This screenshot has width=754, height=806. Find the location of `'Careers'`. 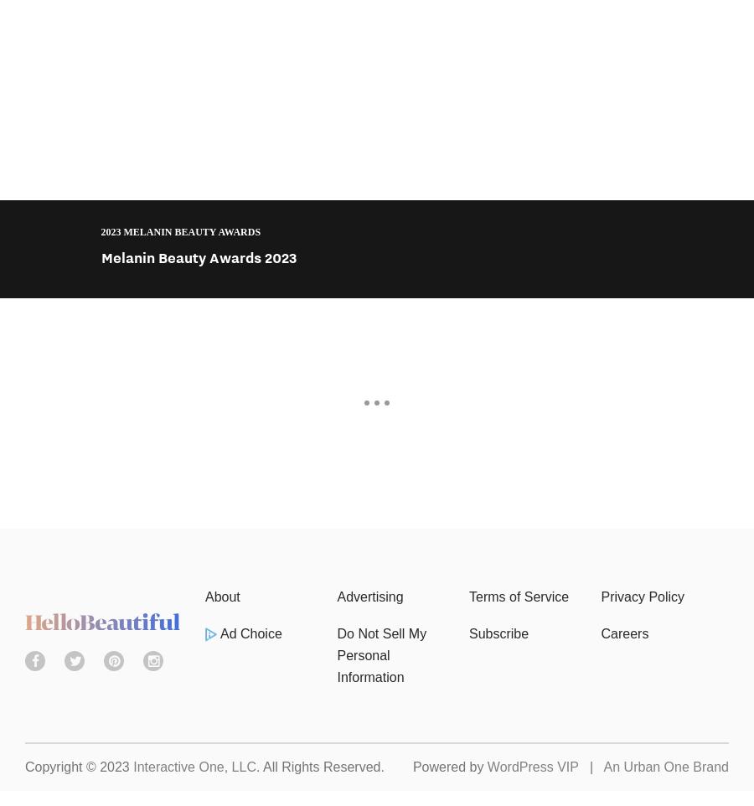

'Careers' is located at coordinates (623, 633).